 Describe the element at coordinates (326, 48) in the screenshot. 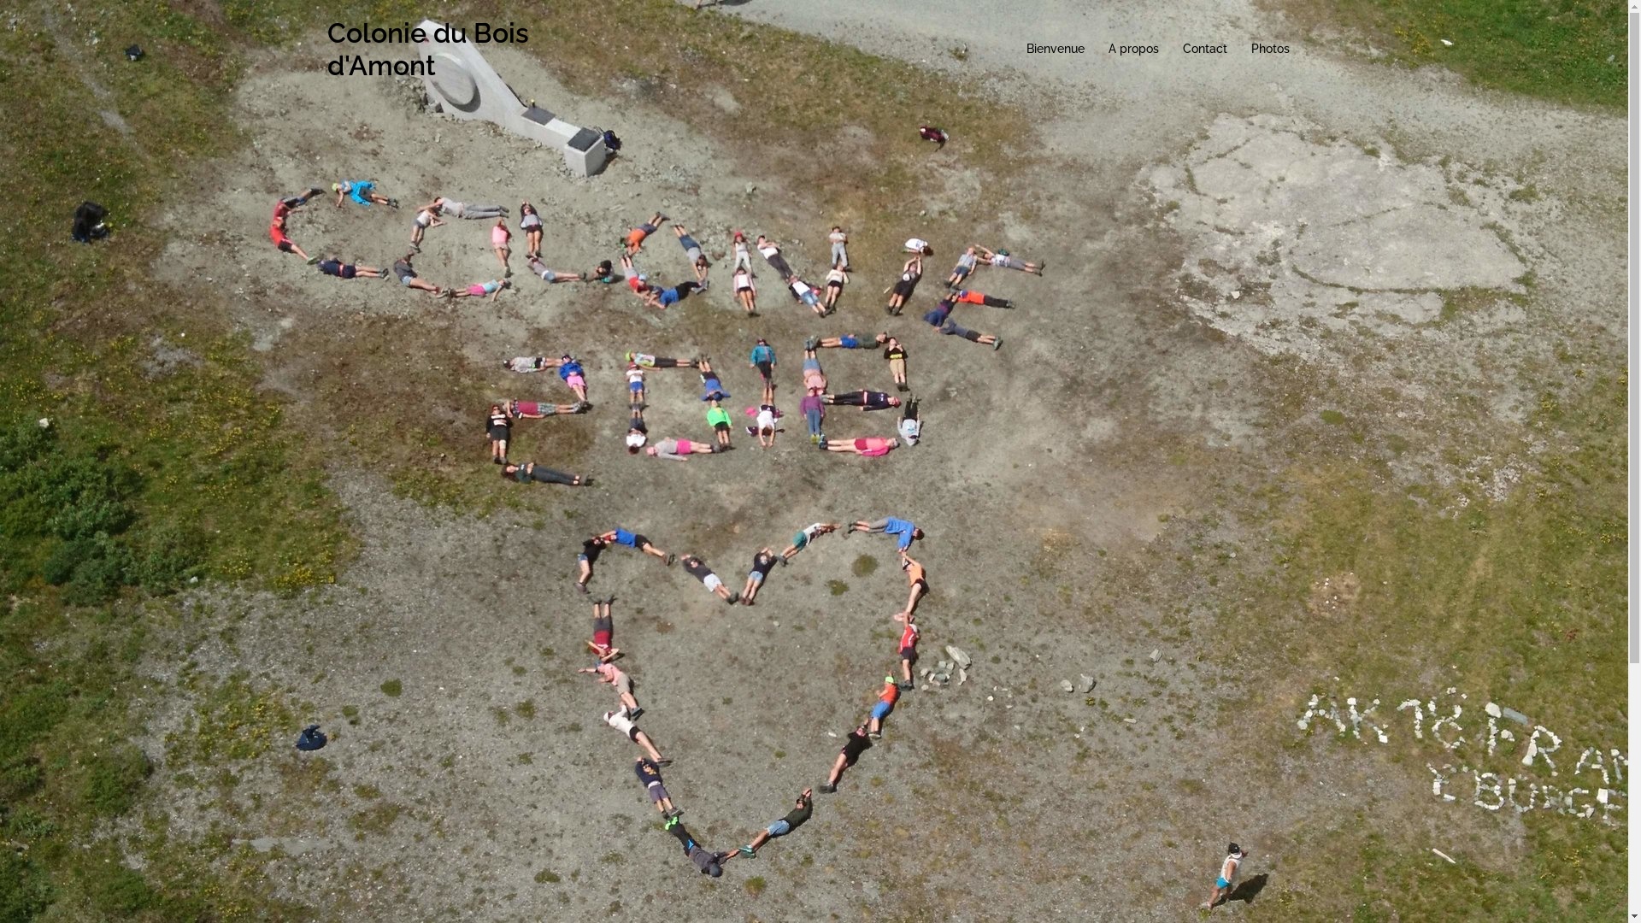

I see `'Colonie du Bois d'Amont'` at that location.